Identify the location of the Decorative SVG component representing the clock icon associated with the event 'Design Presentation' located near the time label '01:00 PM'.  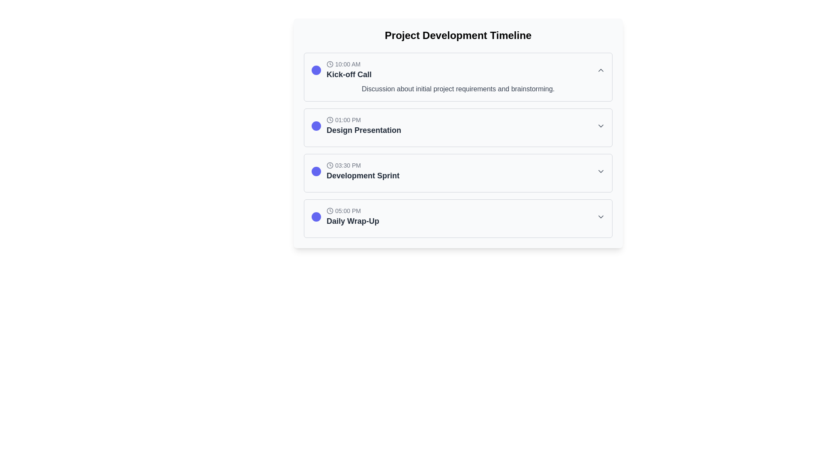
(329, 120).